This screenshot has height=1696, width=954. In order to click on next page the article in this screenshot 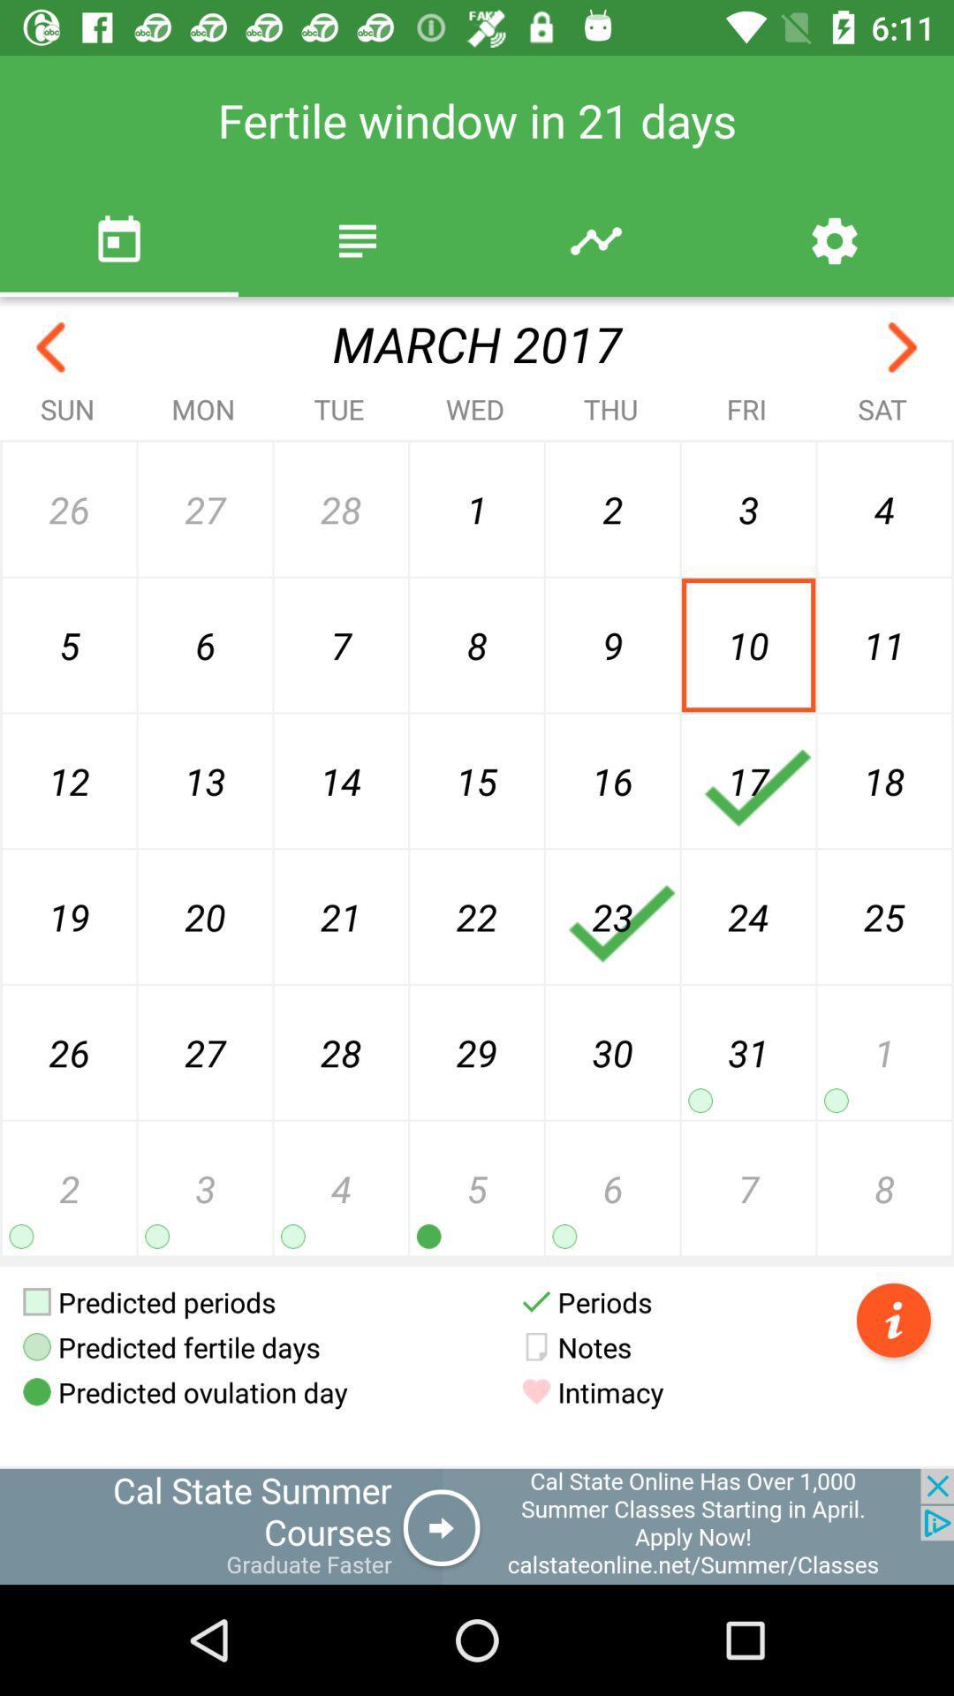, I will do `click(903, 347)`.